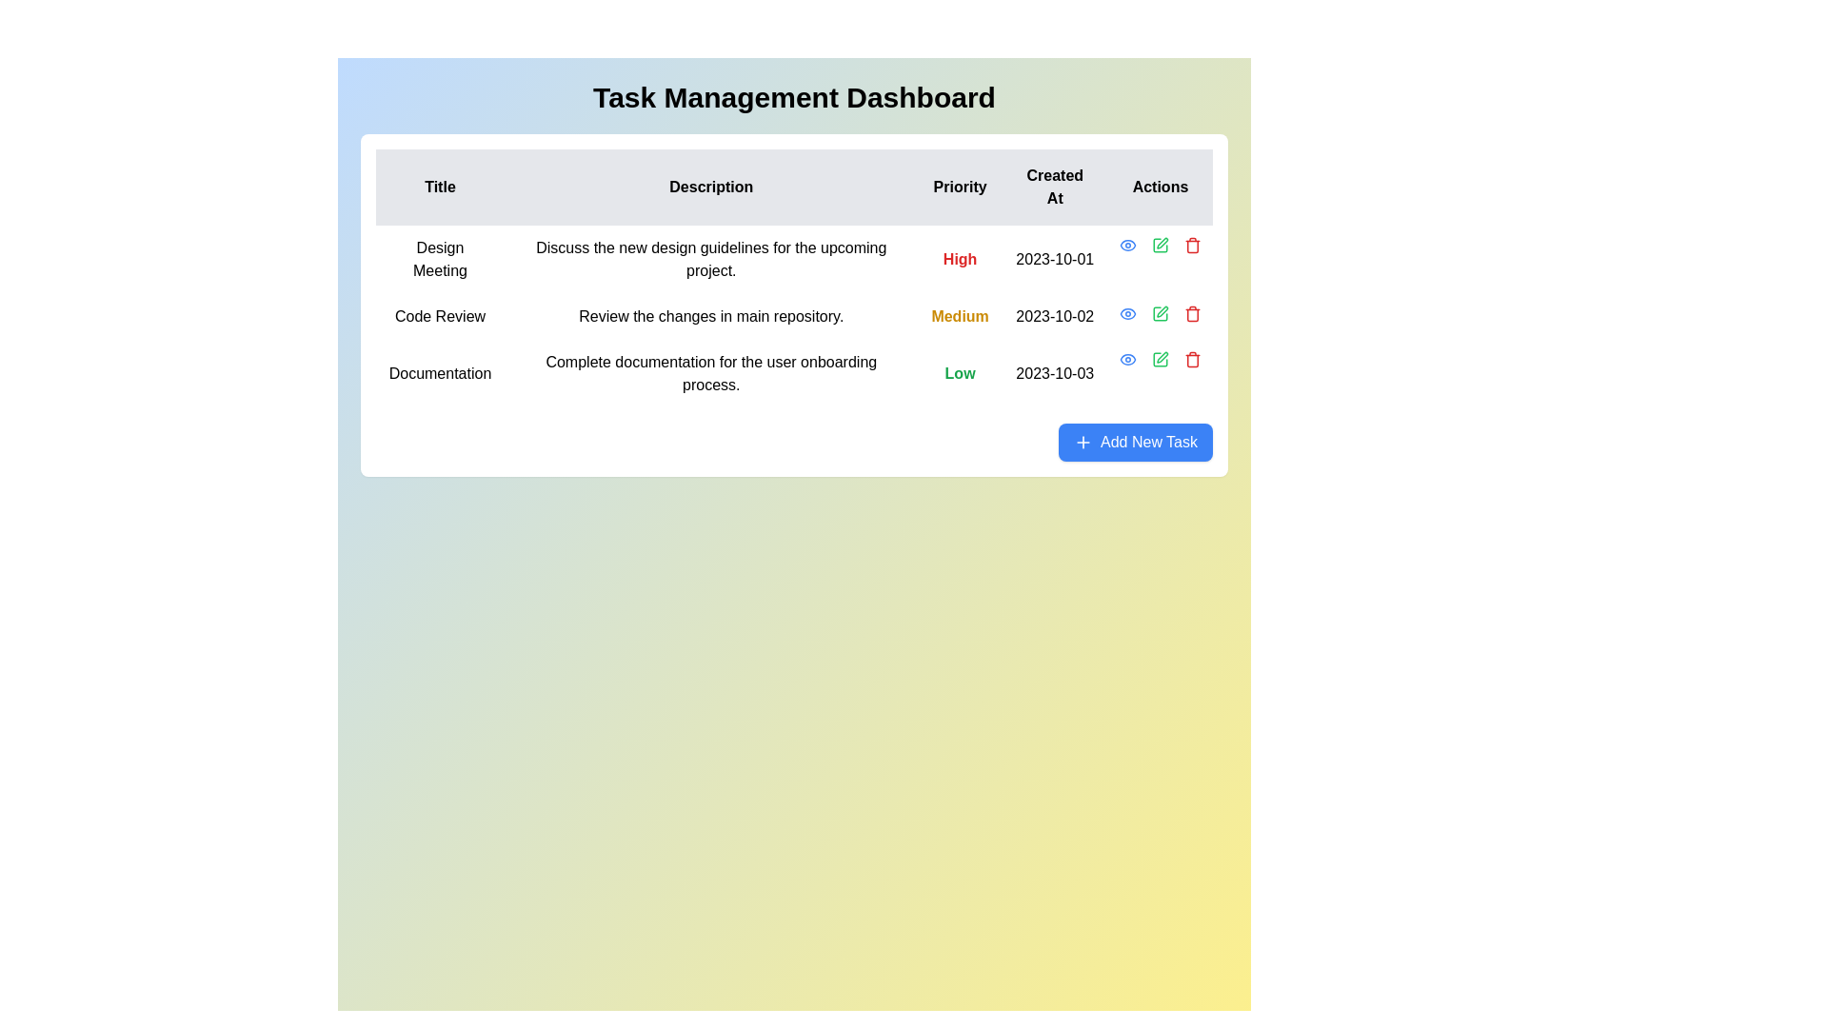 The width and height of the screenshot is (1828, 1028). Describe the element at coordinates (1160, 360) in the screenshot. I see `the edit button located in the 'Actions' column of the third row of the task management table to initiate an edit action` at that location.